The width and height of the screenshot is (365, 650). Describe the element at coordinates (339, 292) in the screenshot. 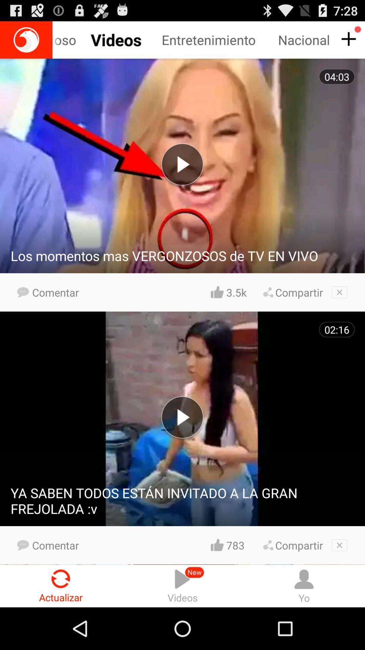

I see `window` at that location.